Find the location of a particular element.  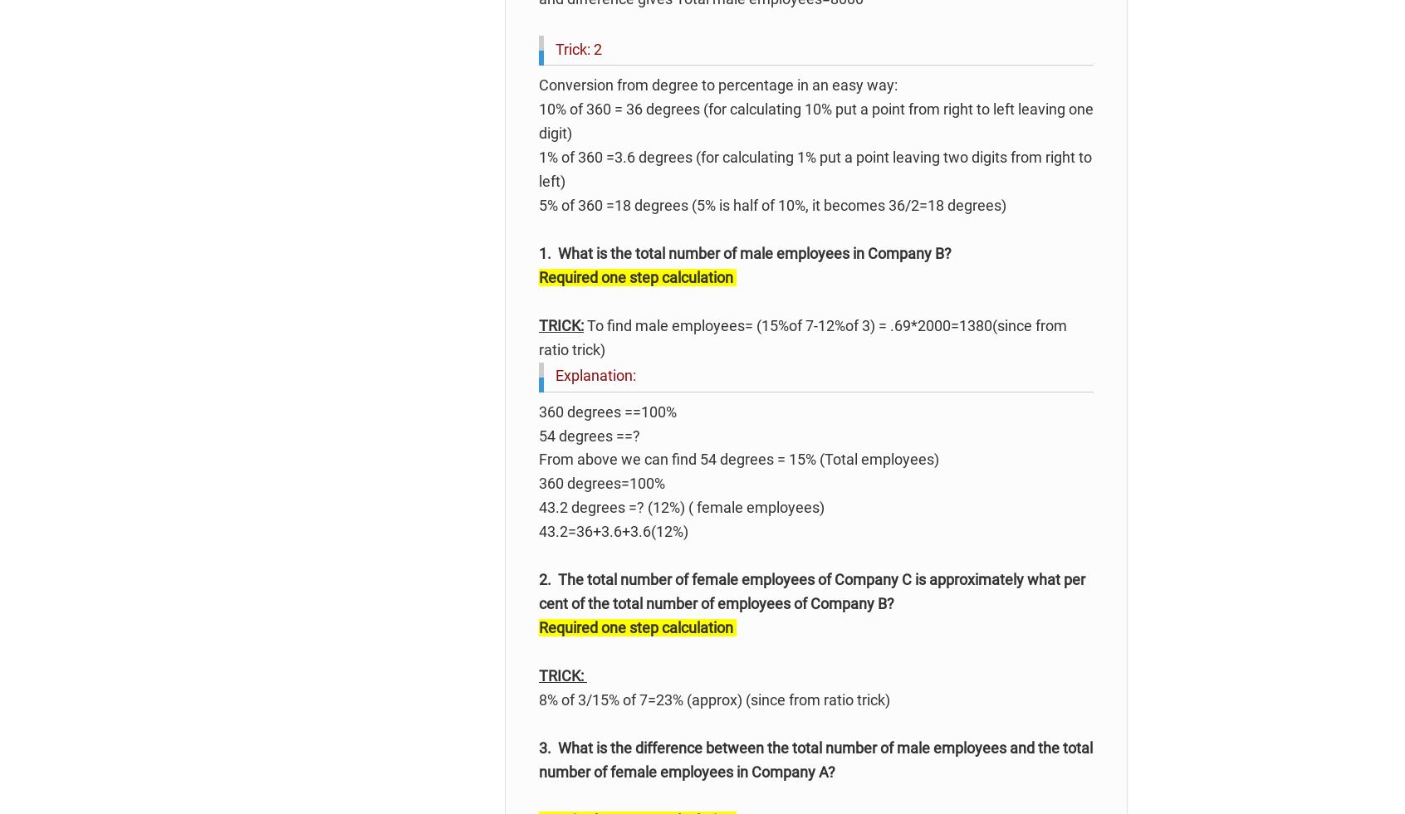

'1.  What is the total number of male employees in Company B?' is located at coordinates (744, 251).